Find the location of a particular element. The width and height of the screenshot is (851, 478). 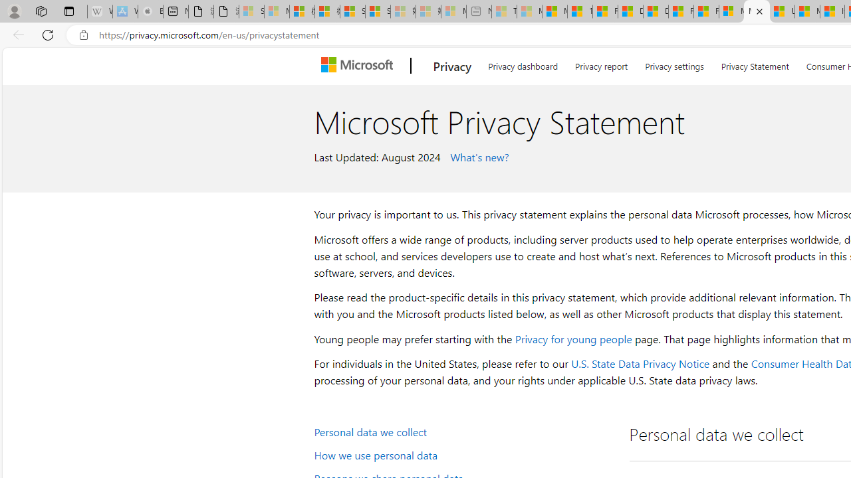

'Privacy settings' is located at coordinates (675, 64).